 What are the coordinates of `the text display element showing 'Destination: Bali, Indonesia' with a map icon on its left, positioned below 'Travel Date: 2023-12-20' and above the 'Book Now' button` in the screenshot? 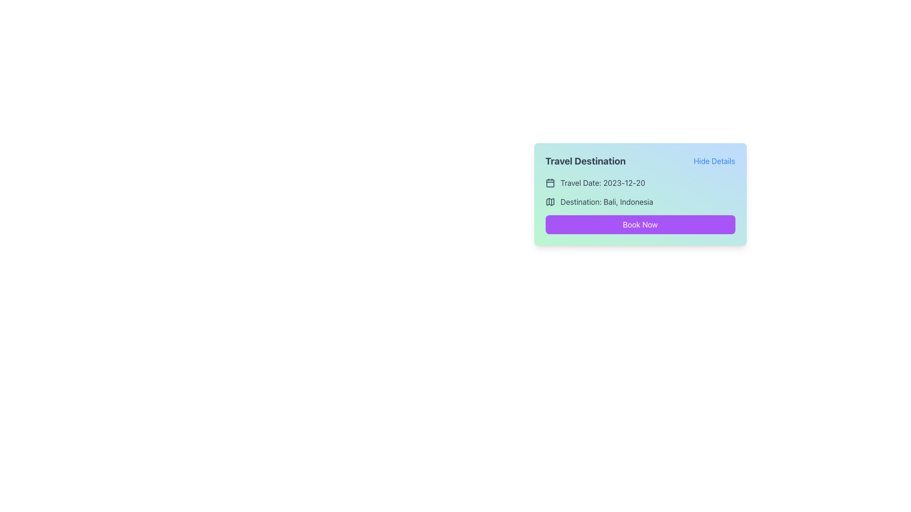 It's located at (640, 201).